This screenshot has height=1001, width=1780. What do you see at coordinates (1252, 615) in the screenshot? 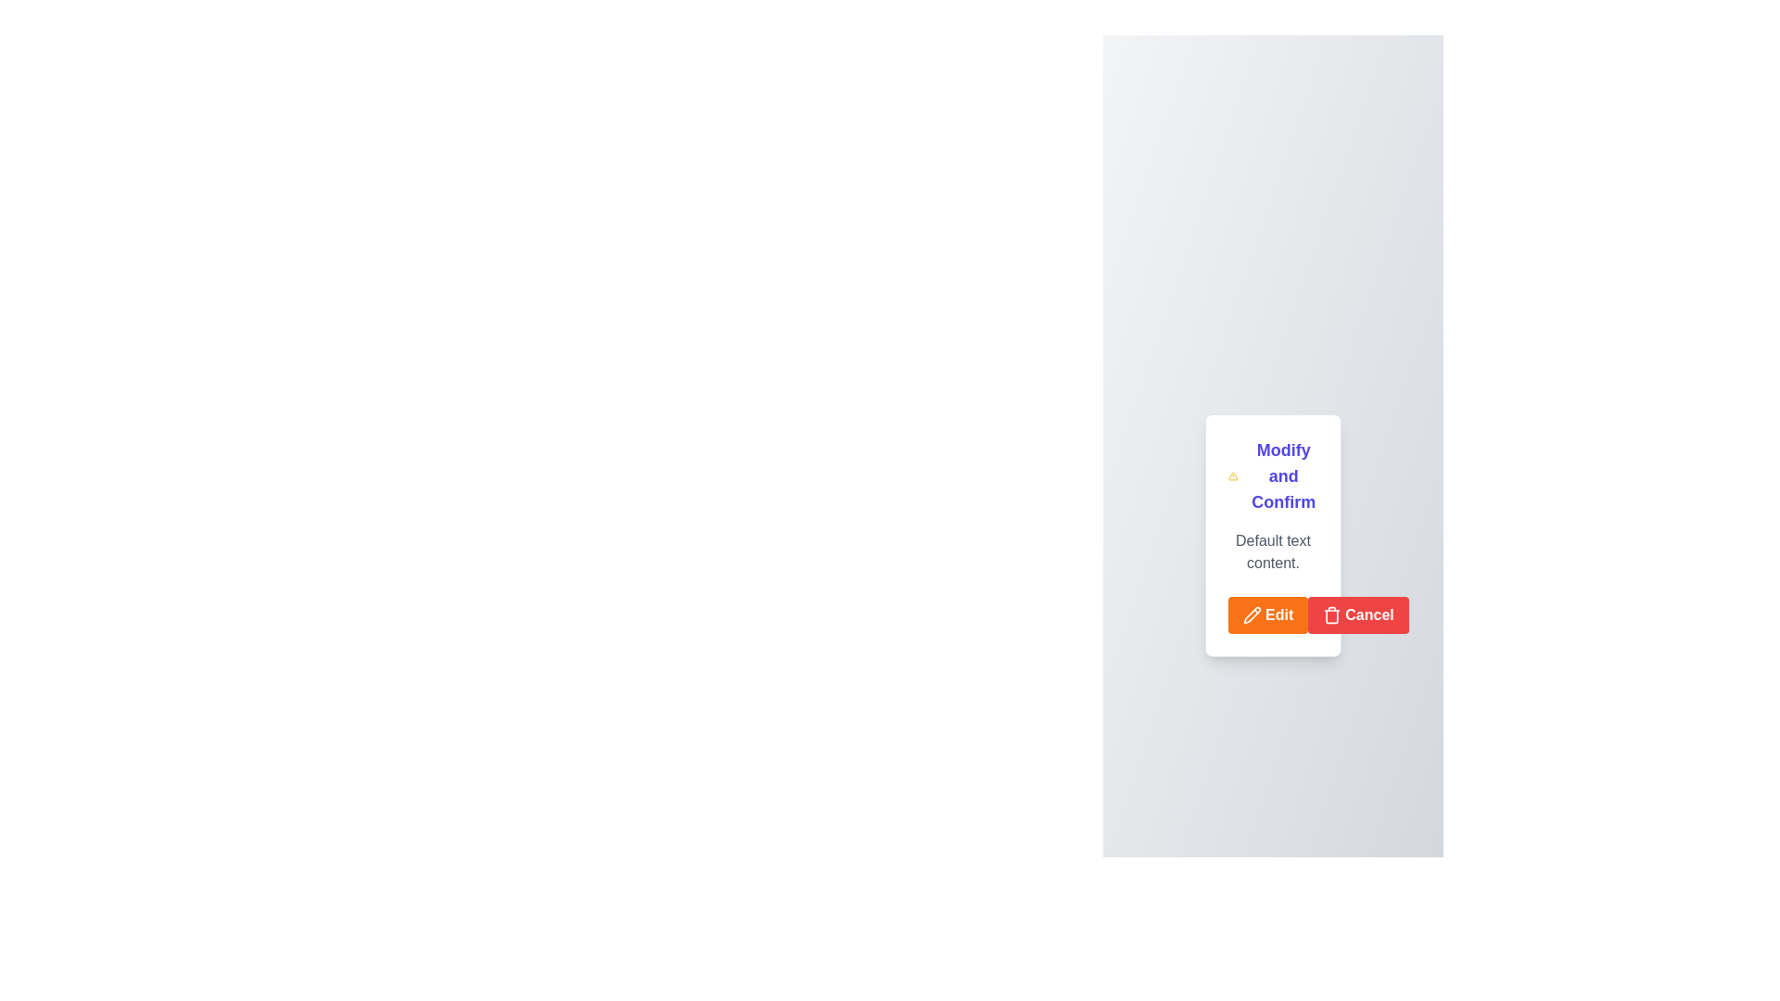
I see `the orange pencil icon representing the 'Edit' functionality, located on the left side of the 'Edit' button in the lower section of the card labeled 'Modify and Confirm'` at bounding box center [1252, 615].